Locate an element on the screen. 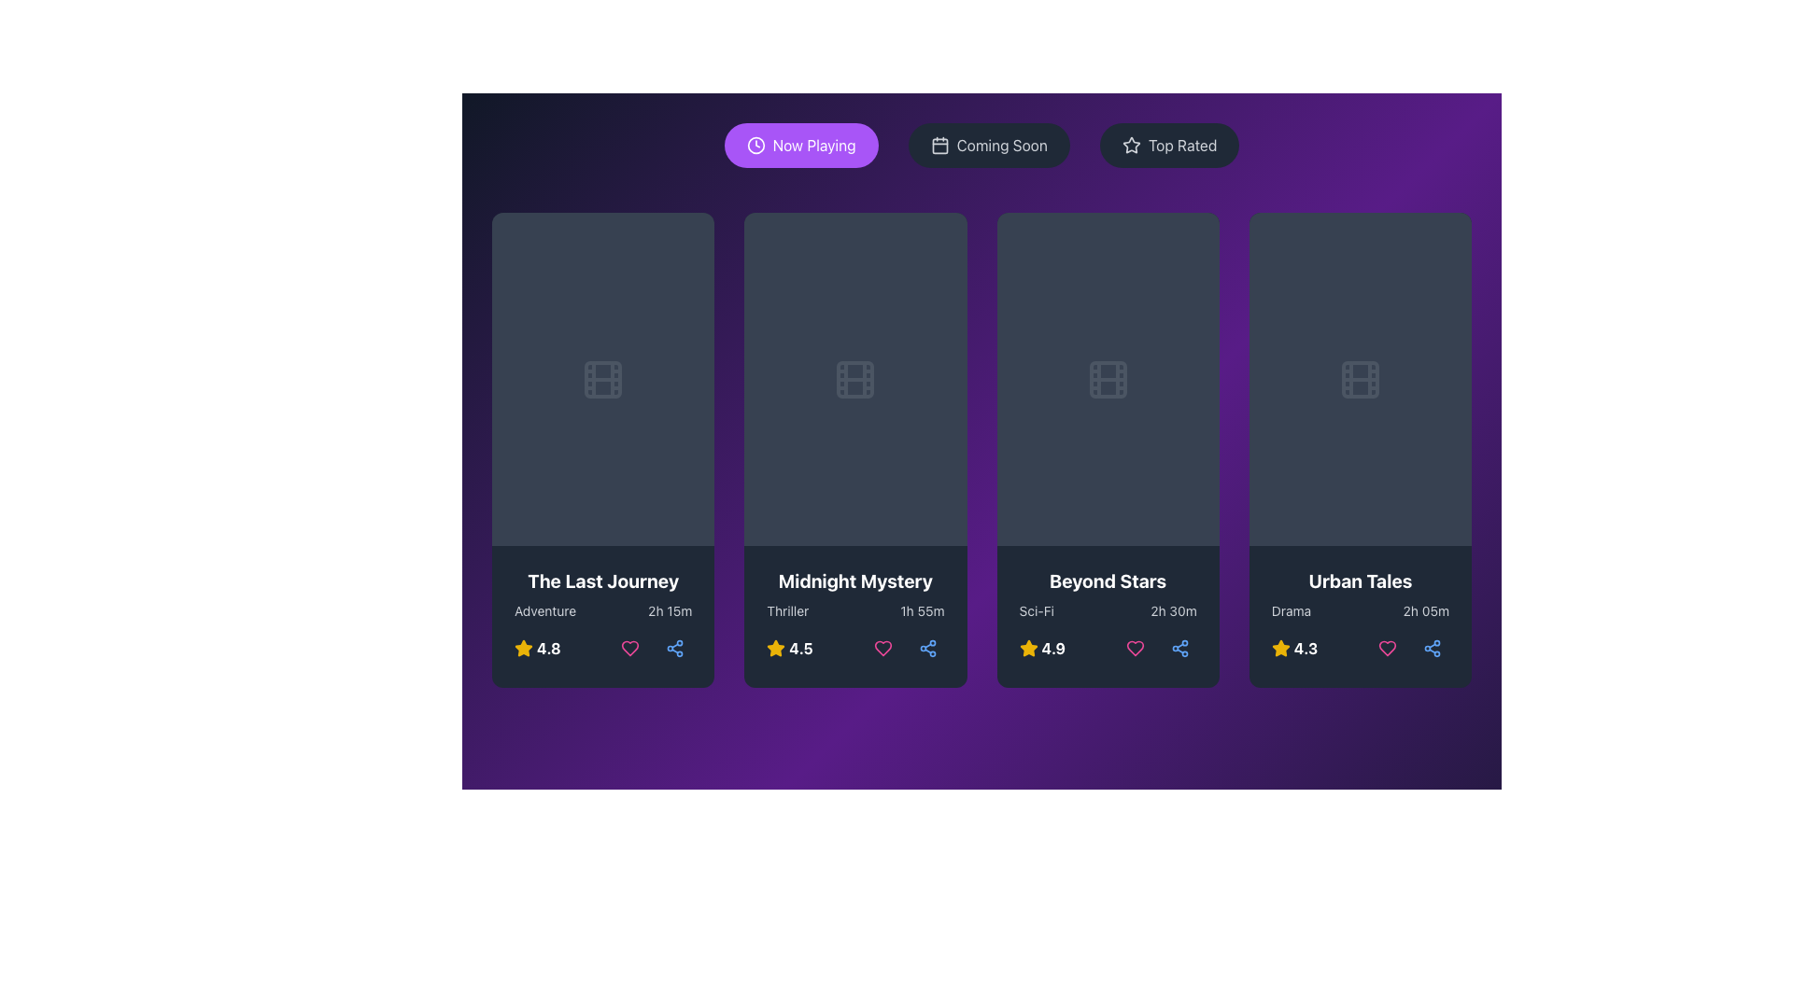 The width and height of the screenshot is (1793, 1008). the Text Label displaying '2h 15m', which is aligned to the right of 'Adventure' in the lower section of the card labeled 'The Last Journey' is located at coordinates (670, 611).